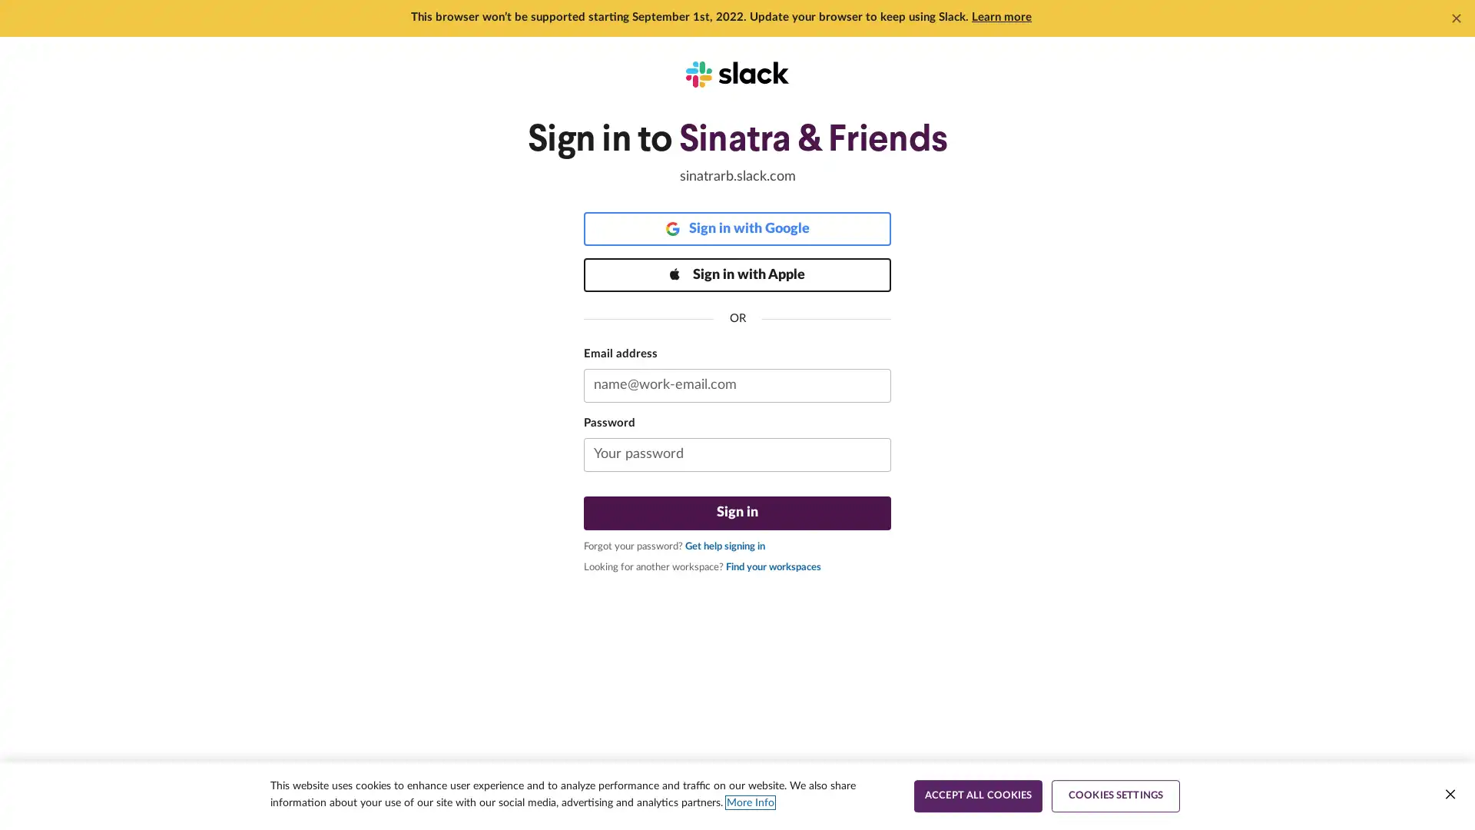  Describe the element at coordinates (1115, 795) in the screenshot. I see `COOKIES SETTINGS` at that location.